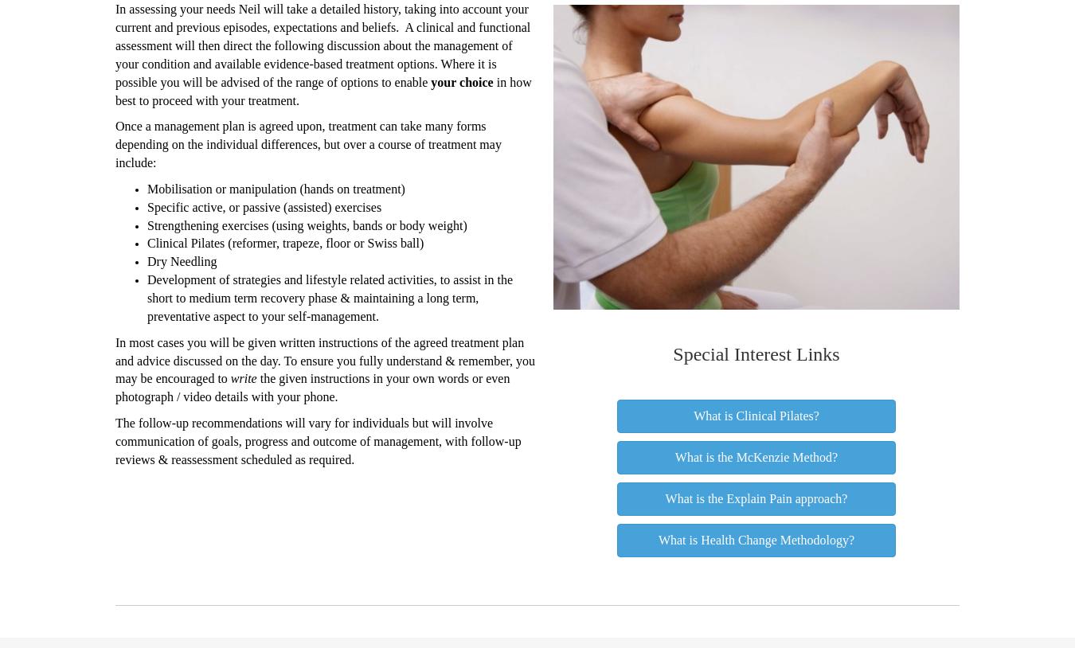  I want to click on 'write', so click(229, 377).